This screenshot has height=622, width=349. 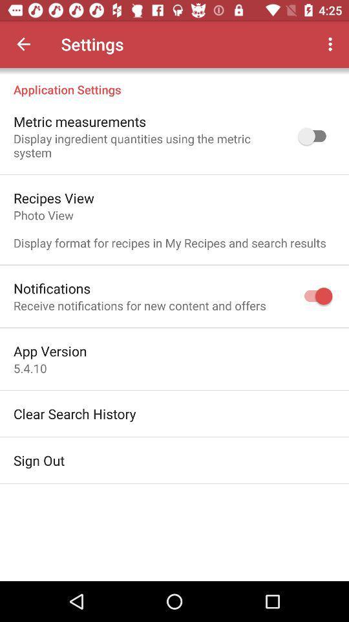 I want to click on the app next to settings app, so click(x=332, y=44).